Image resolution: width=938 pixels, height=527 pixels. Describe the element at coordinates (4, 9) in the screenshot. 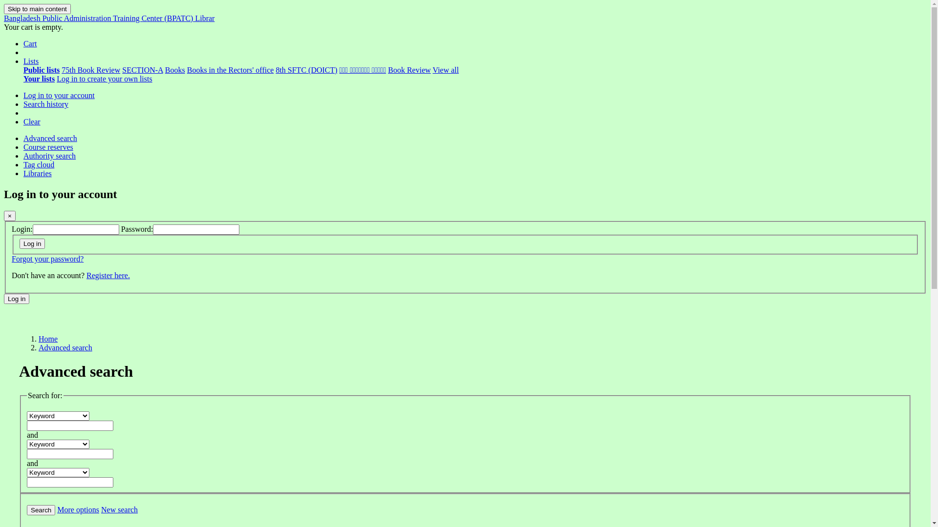

I see `'Skip to main content'` at that location.